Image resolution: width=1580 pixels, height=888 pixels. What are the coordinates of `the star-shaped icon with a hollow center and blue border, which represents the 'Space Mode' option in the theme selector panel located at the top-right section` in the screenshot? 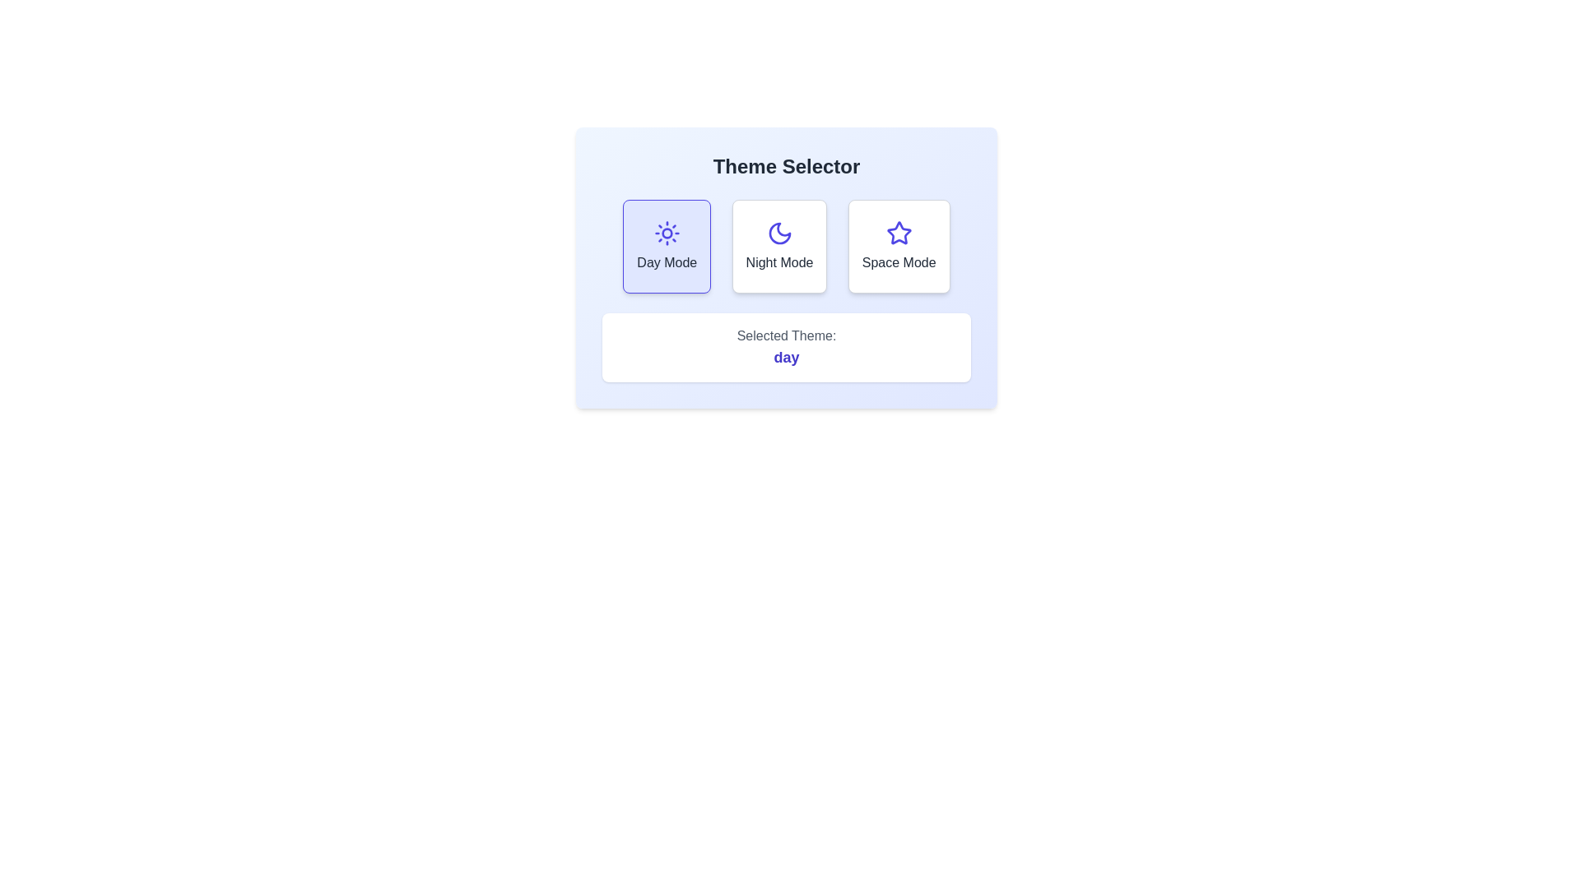 It's located at (898, 233).